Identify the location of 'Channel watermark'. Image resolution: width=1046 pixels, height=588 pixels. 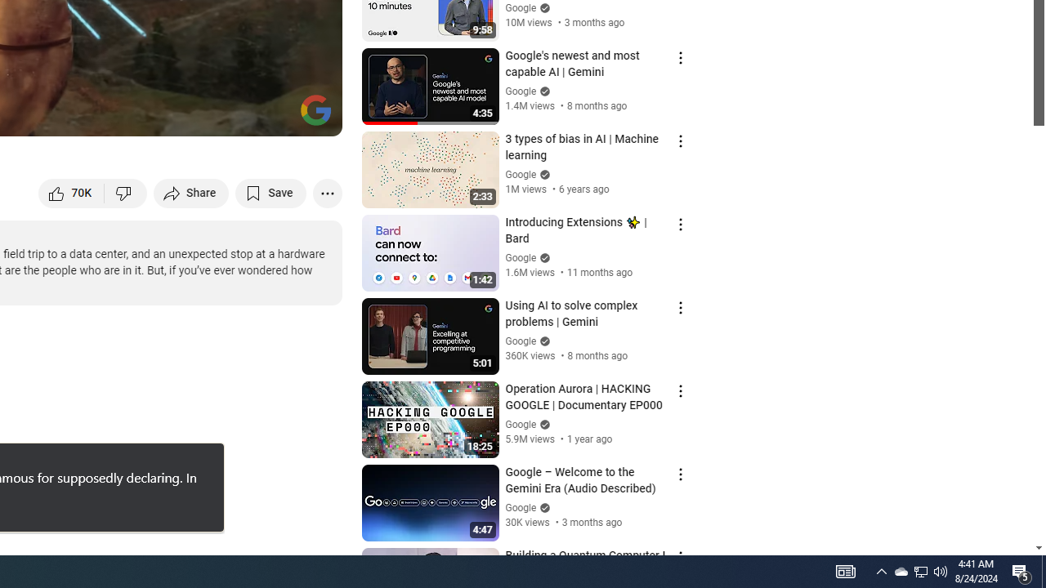
(315, 110).